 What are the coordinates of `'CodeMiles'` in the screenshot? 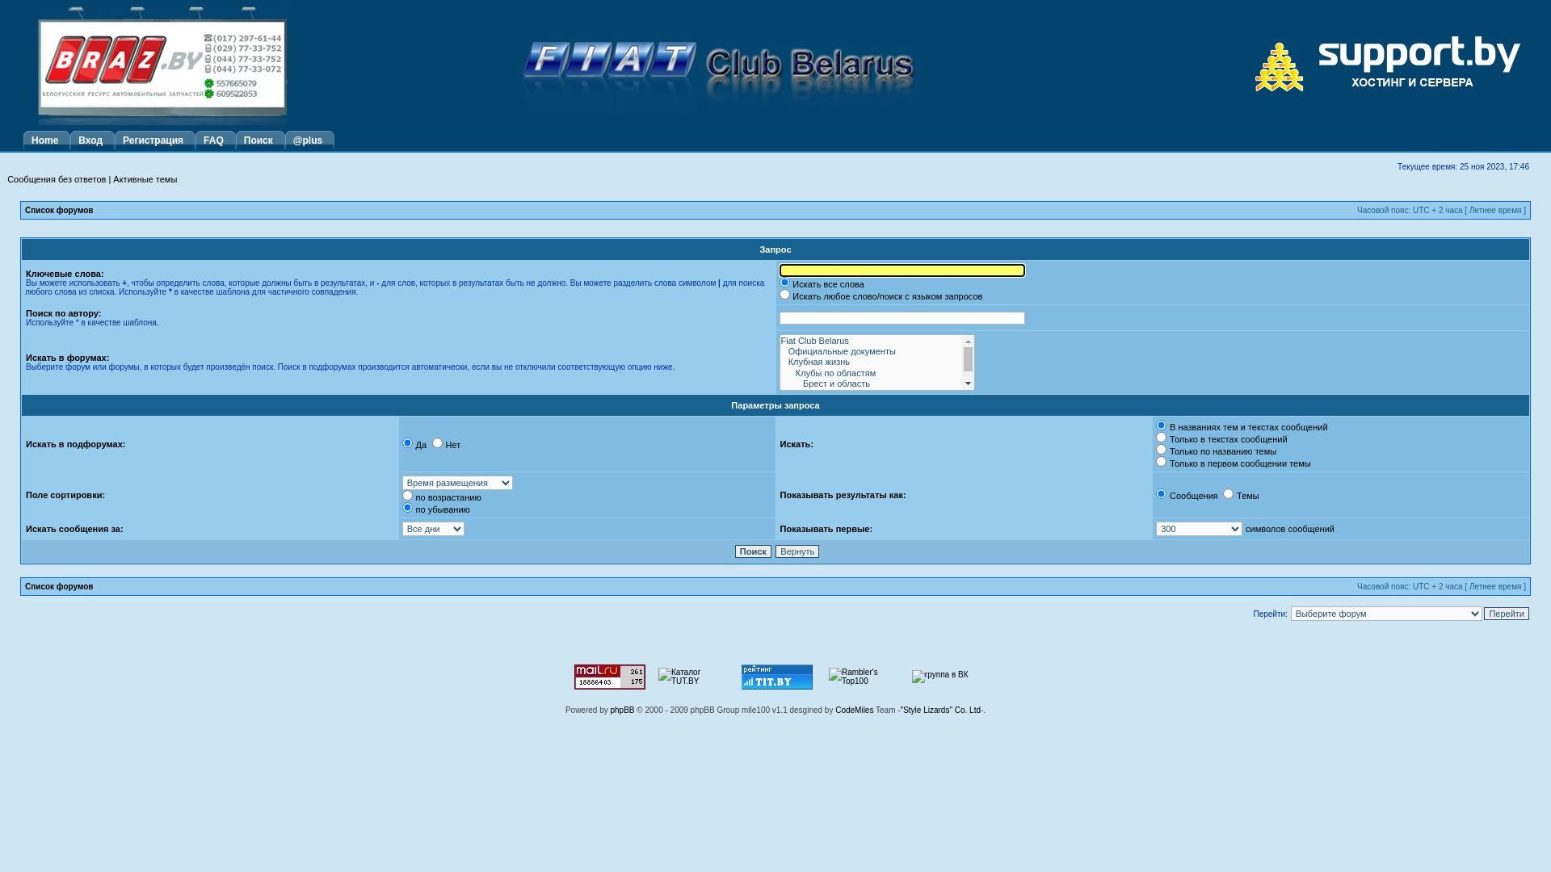 It's located at (853, 709).